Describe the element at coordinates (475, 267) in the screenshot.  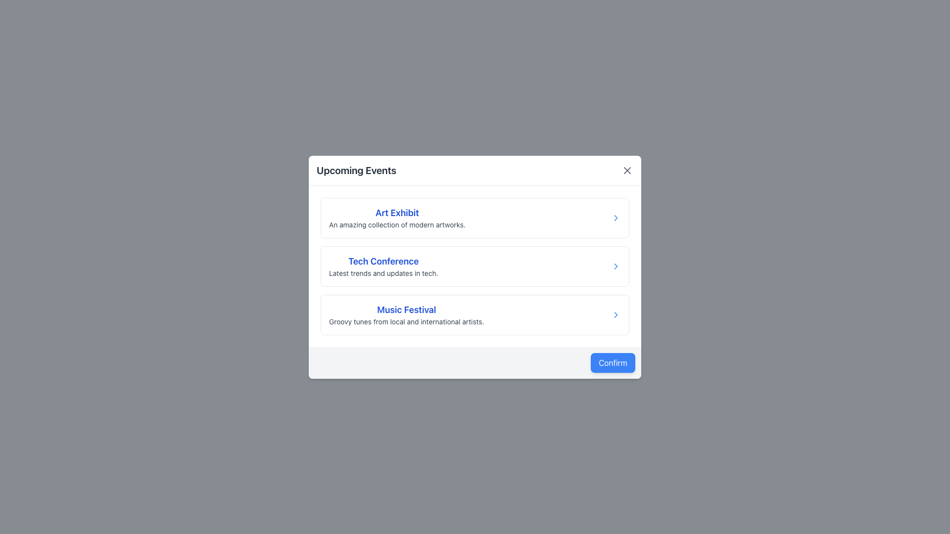
I see `the 'Tech Conference' list item, which is the second entry in a modal dialog` at that location.